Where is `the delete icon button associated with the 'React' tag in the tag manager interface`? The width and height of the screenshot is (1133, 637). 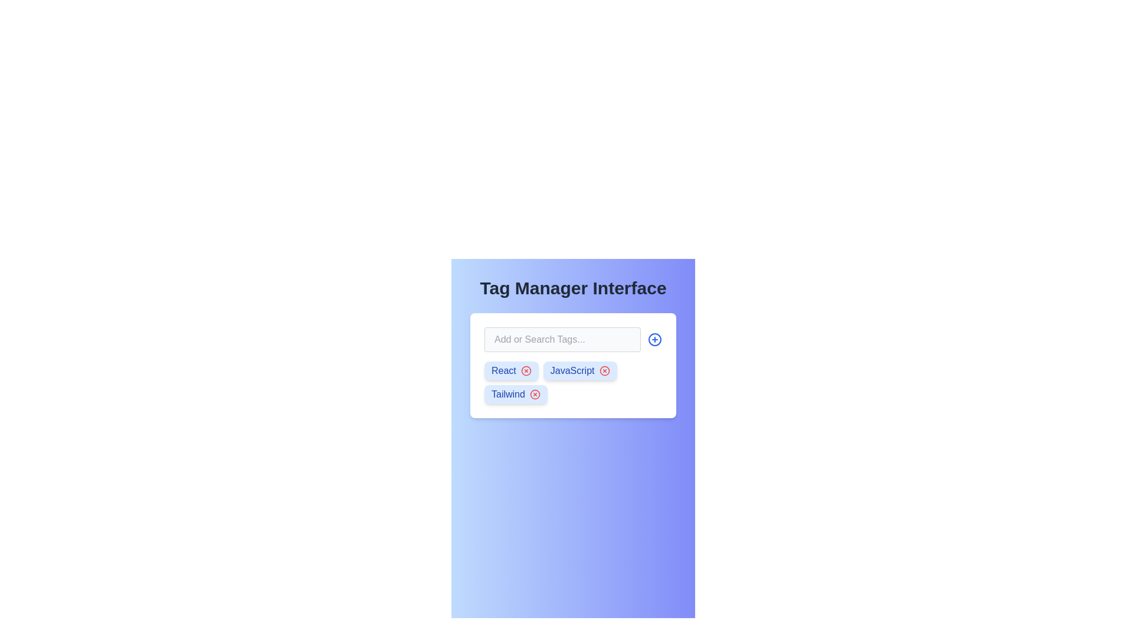 the delete icon button associated with the 'React' tag in the tag manager interface is located at coordinates (525, 370).